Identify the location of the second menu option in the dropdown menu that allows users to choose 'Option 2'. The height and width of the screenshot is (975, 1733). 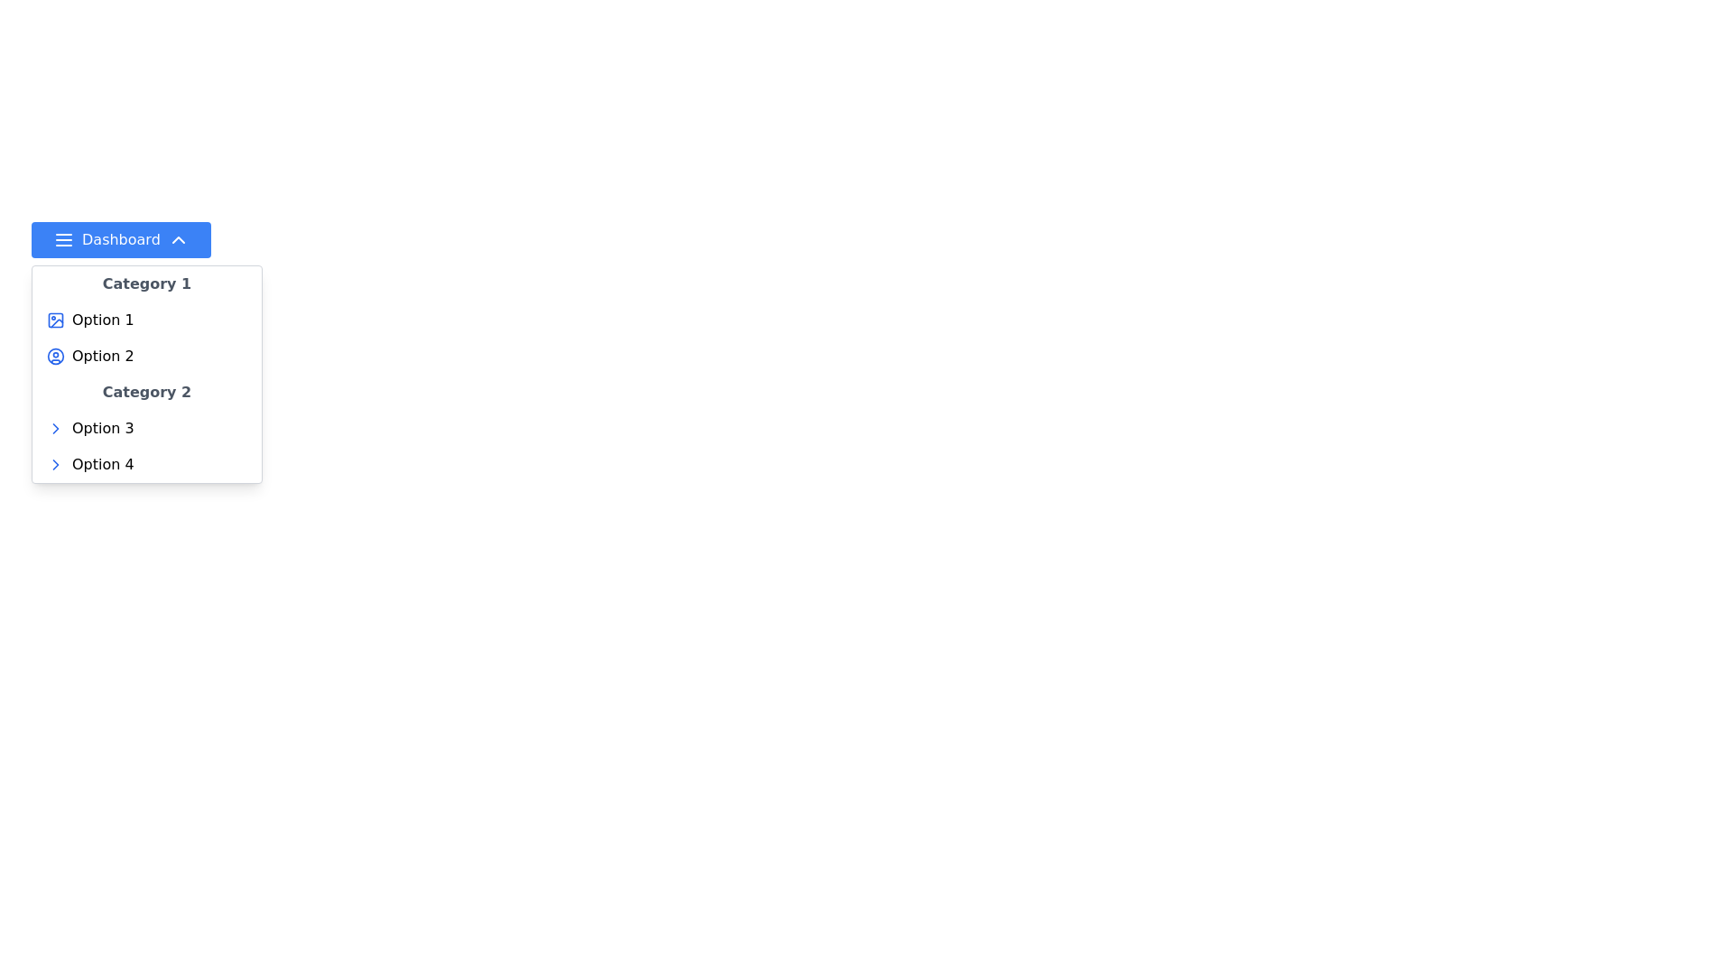
(147, 356).